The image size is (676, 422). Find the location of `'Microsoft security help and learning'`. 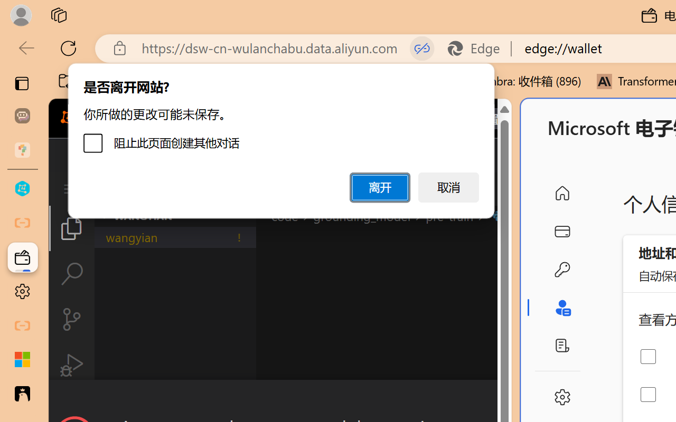

'Microsoft security help and learning' is located at coordinates (22, 360).